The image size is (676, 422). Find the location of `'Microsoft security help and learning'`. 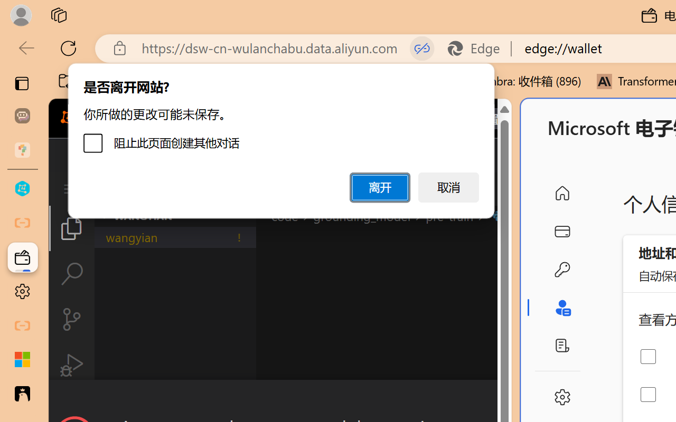

'Microsoft security help and learning' is located at coordinates (22, 360).